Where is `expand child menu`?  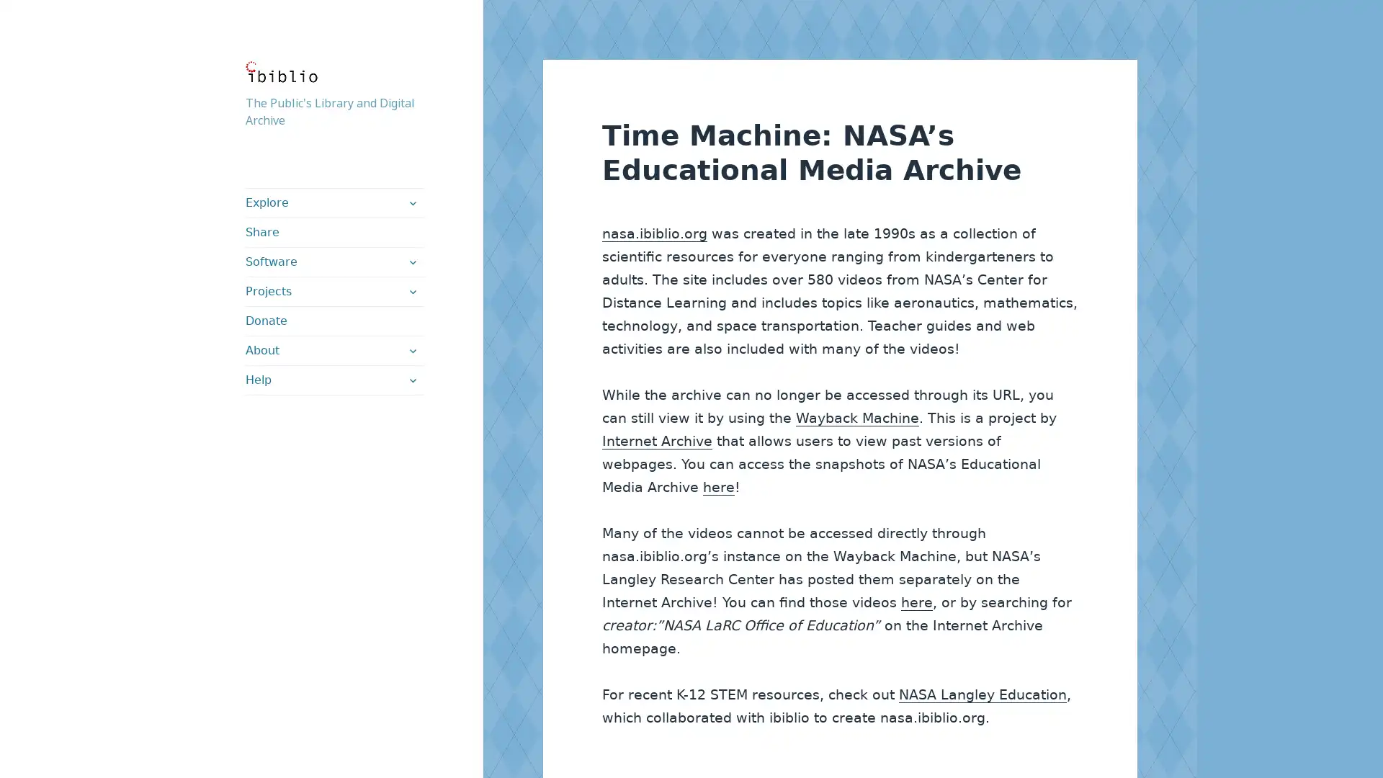 expand child menu is located at coordinates (411, 202).